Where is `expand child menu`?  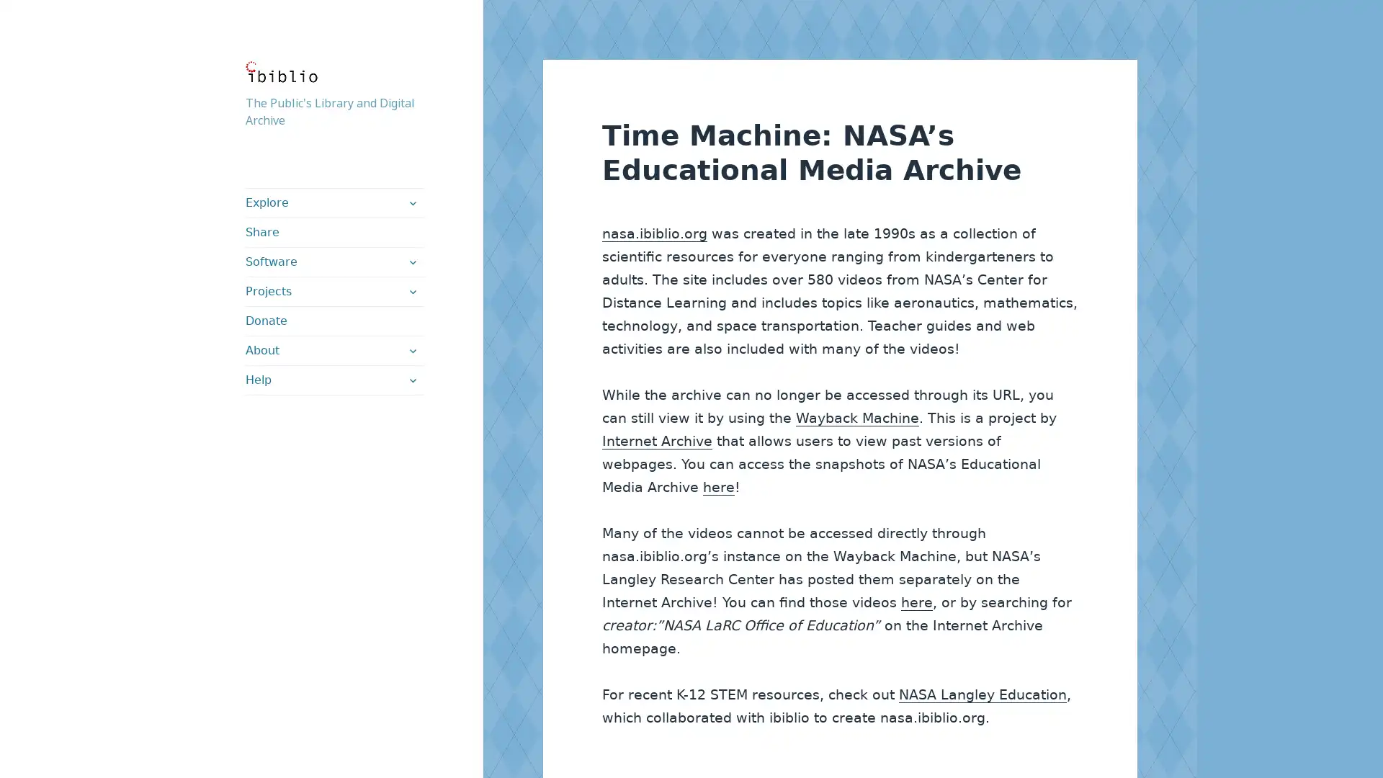 expand child menu is located at coordinates (411, 202).